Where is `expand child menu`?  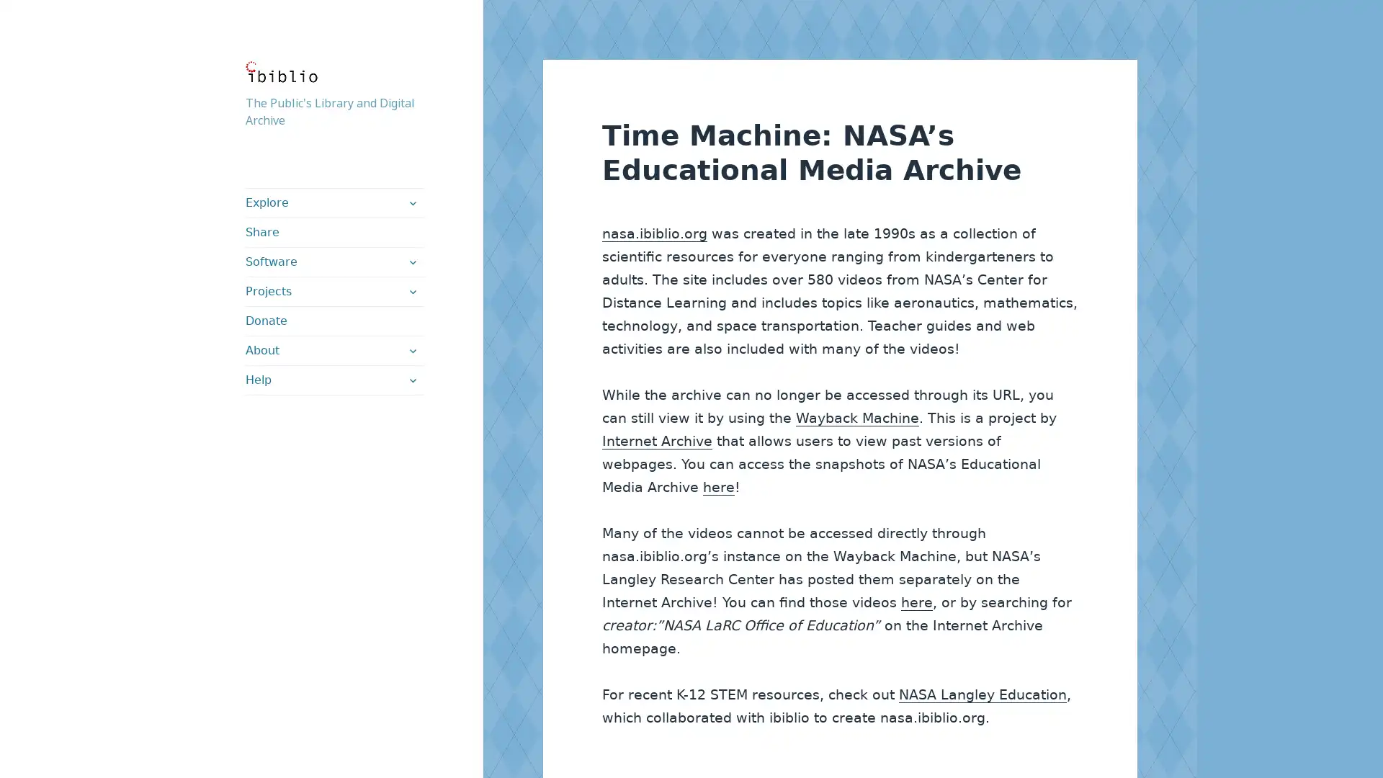 expand child menu is located at coordinates (411, 202).